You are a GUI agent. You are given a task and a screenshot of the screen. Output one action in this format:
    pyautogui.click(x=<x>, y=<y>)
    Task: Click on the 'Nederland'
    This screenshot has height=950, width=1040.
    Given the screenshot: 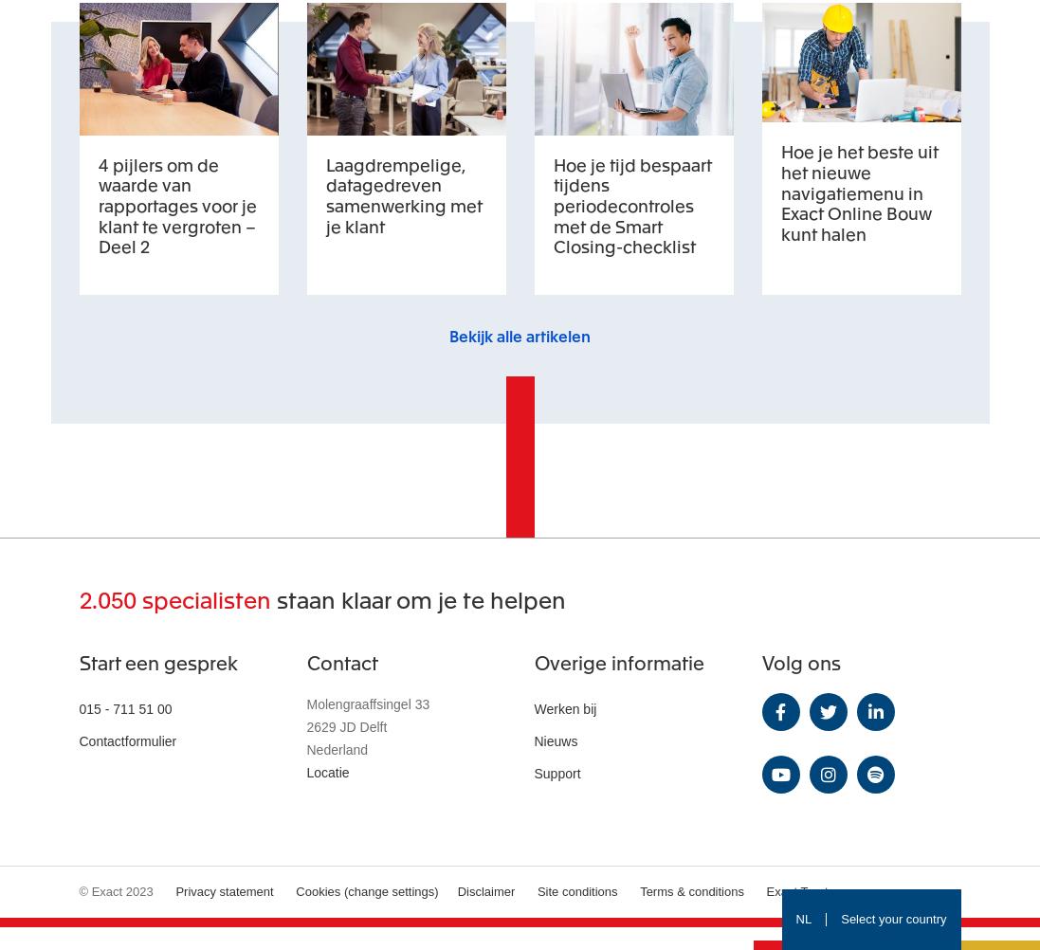 What is the action you would take?
    pyautogui.click(x=337, y=747)
    